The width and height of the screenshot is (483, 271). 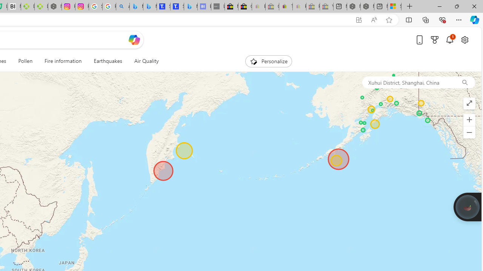 I want to click on 'Open settings', so click(x=465, y=40).